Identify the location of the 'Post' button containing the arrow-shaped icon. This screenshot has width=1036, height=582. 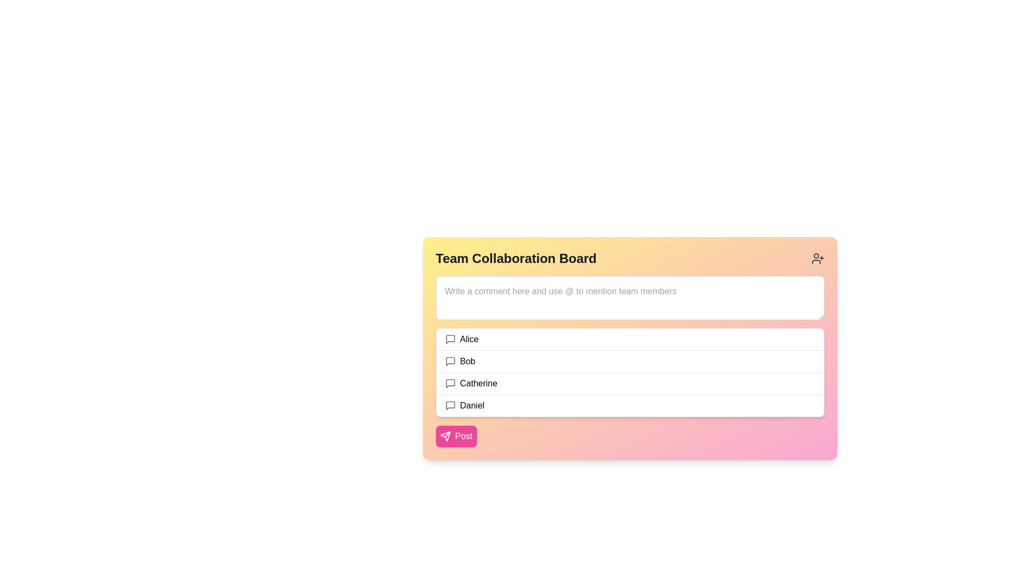
(445, 436).